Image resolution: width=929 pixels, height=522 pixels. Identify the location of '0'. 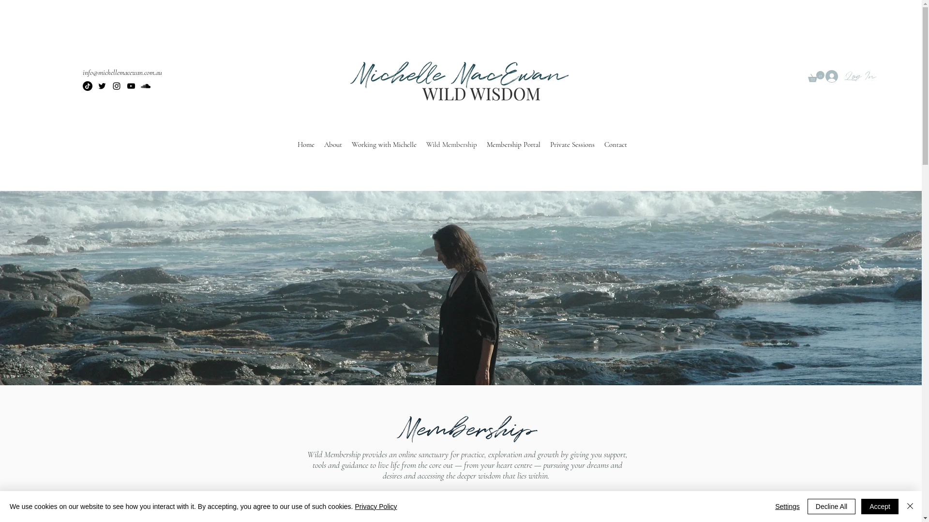
(815, 76).